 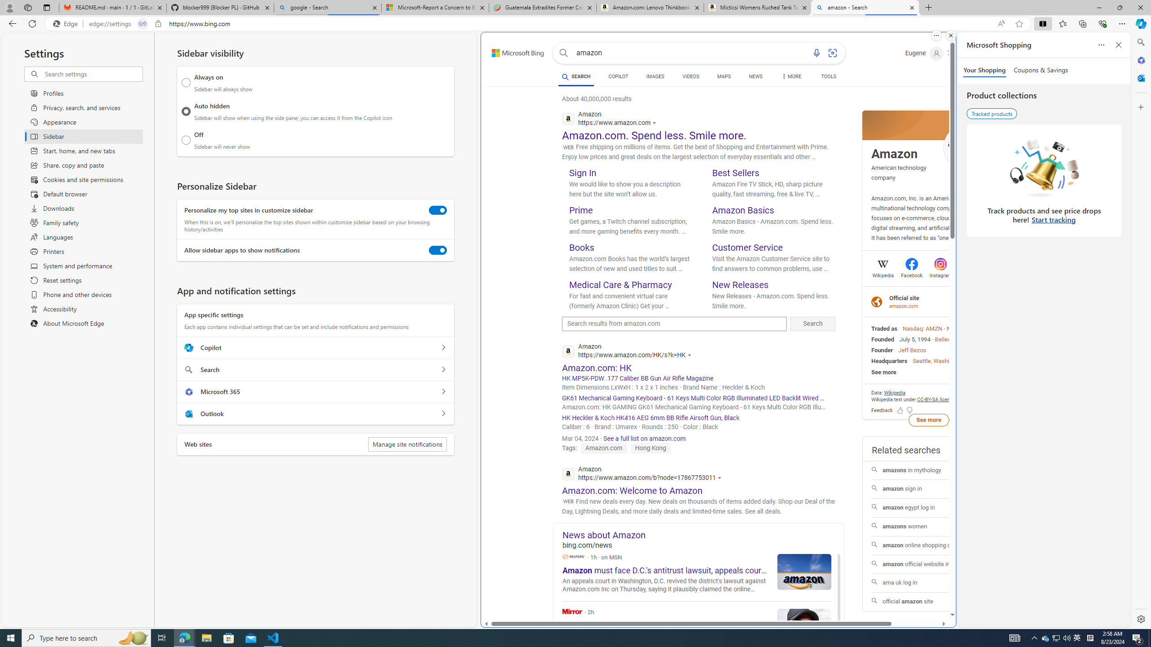 What do you see at coordinates (644, 439) in the screenshot?
I see `'See a full list on amazon.com'` at bounding box center [644, 439].